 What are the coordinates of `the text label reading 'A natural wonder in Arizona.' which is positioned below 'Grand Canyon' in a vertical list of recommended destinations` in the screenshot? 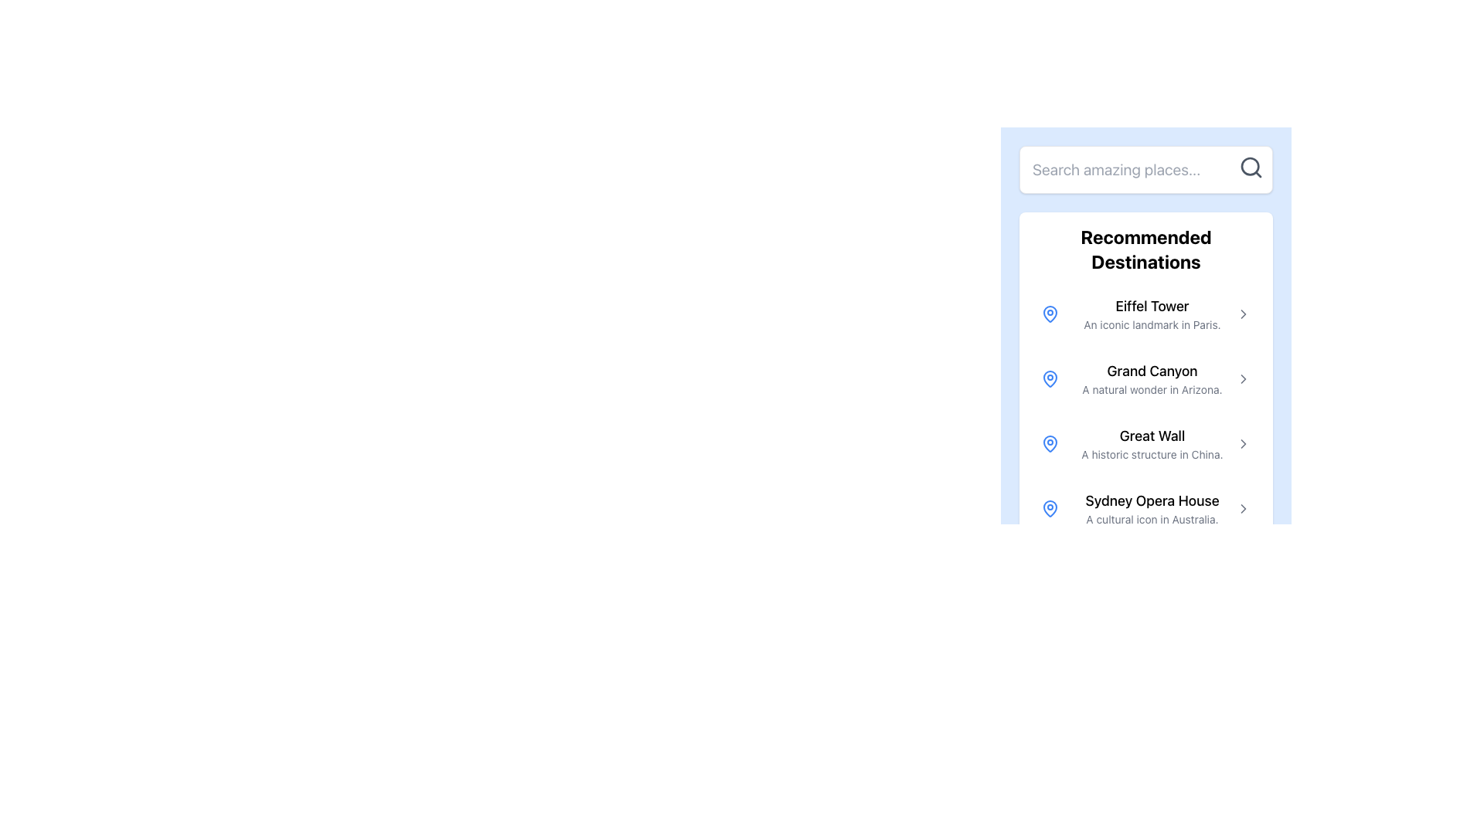 It's located at (1152, 389).